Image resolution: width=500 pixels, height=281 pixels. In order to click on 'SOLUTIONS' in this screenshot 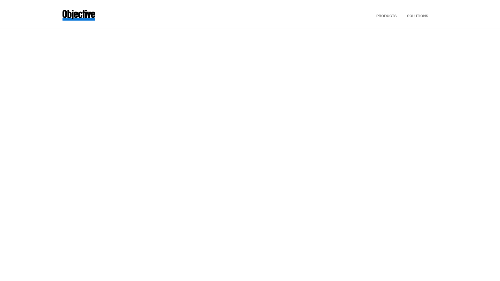, I will do `click(417, 15)`.